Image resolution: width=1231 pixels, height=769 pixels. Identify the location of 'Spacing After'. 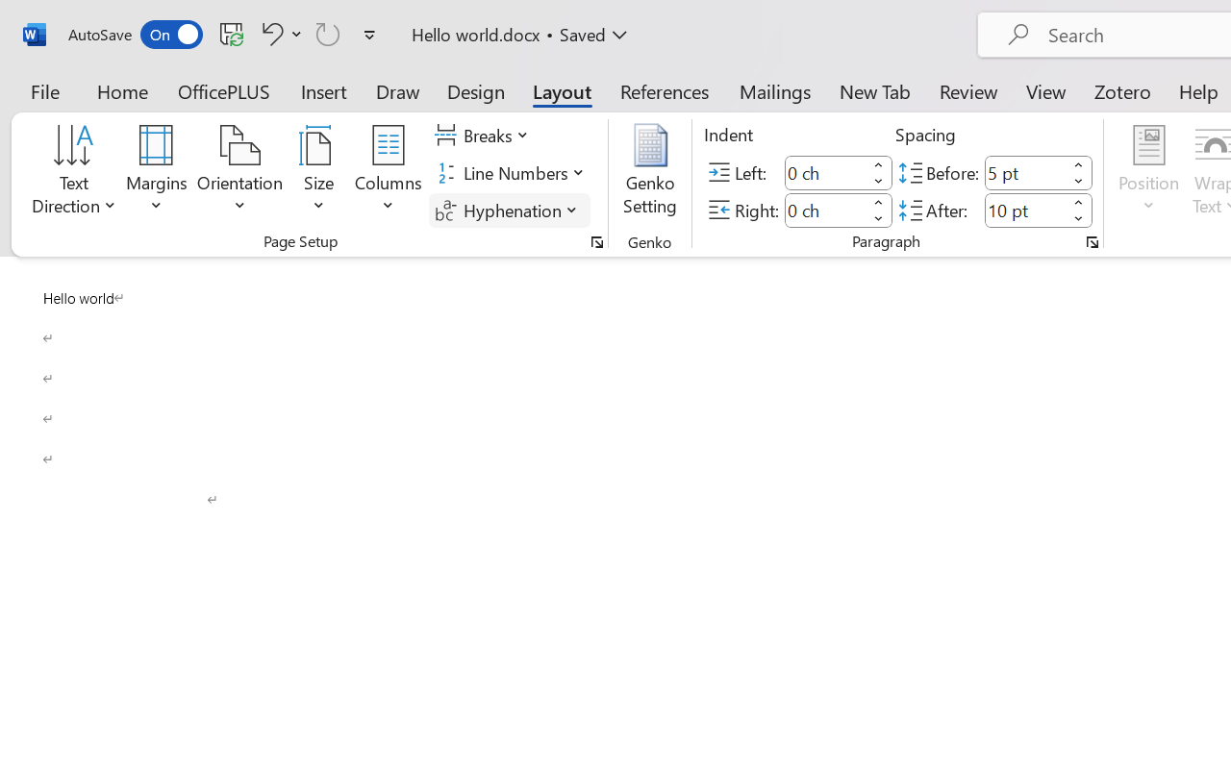
(1024, 210).